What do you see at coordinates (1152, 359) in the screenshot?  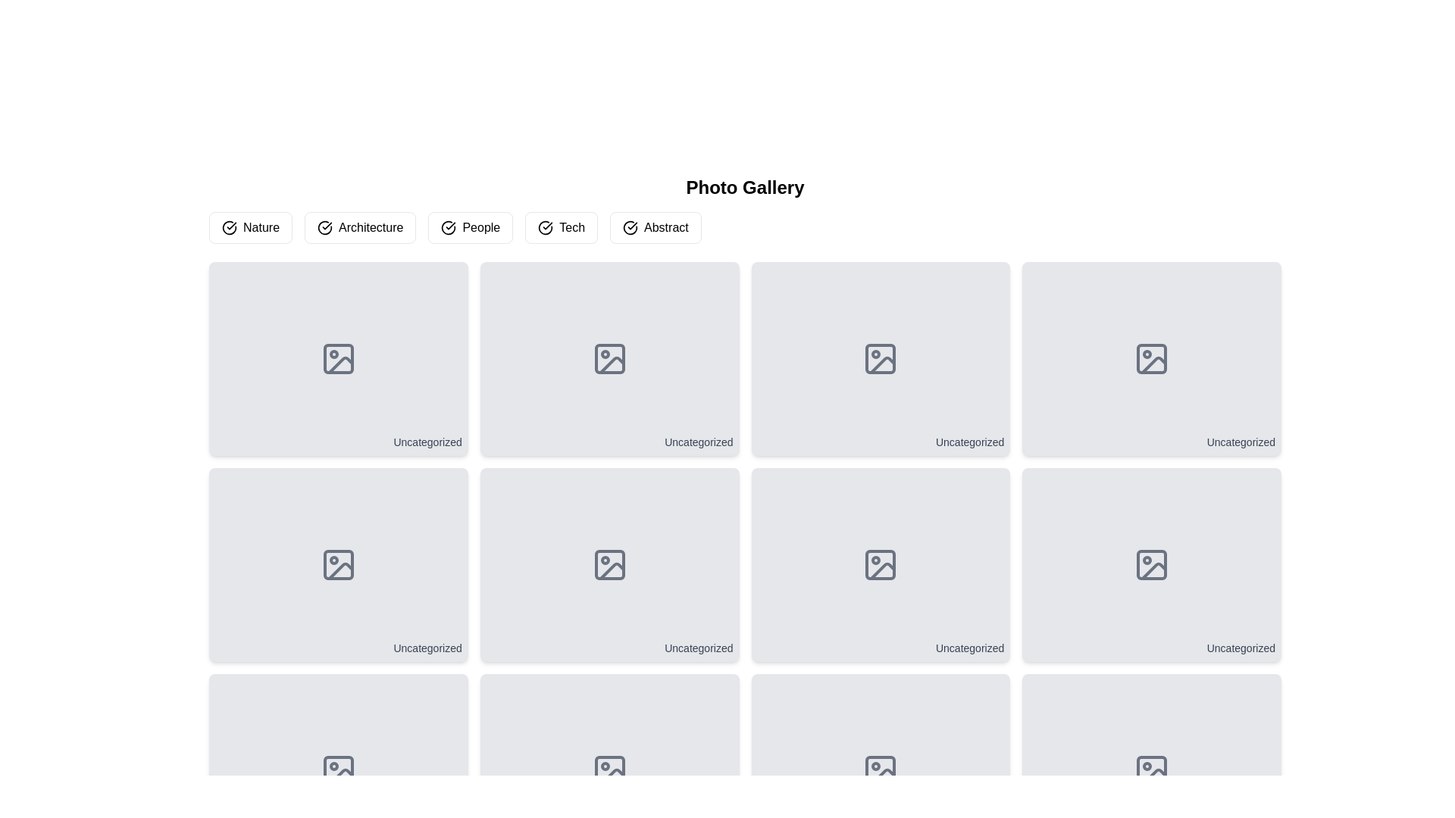 I see `the card marked as 'Uncategorized' located in the fourth column of the first row within the grid layout` at bounding box center [1152, 359].